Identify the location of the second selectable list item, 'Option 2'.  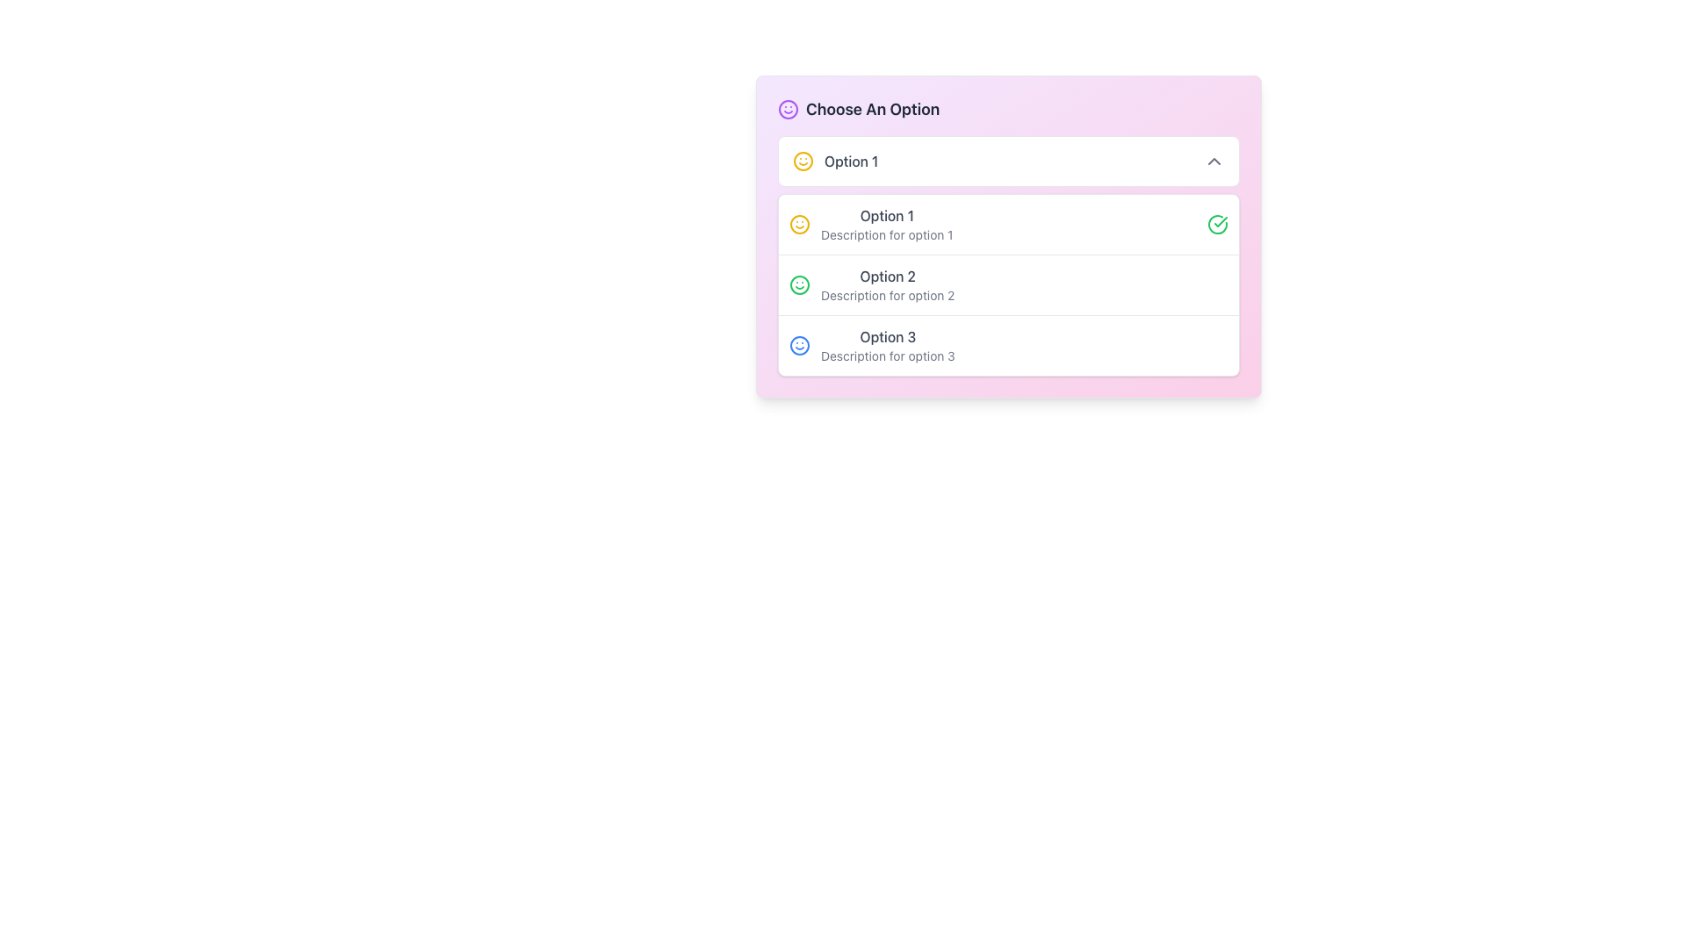
(1008, 284).